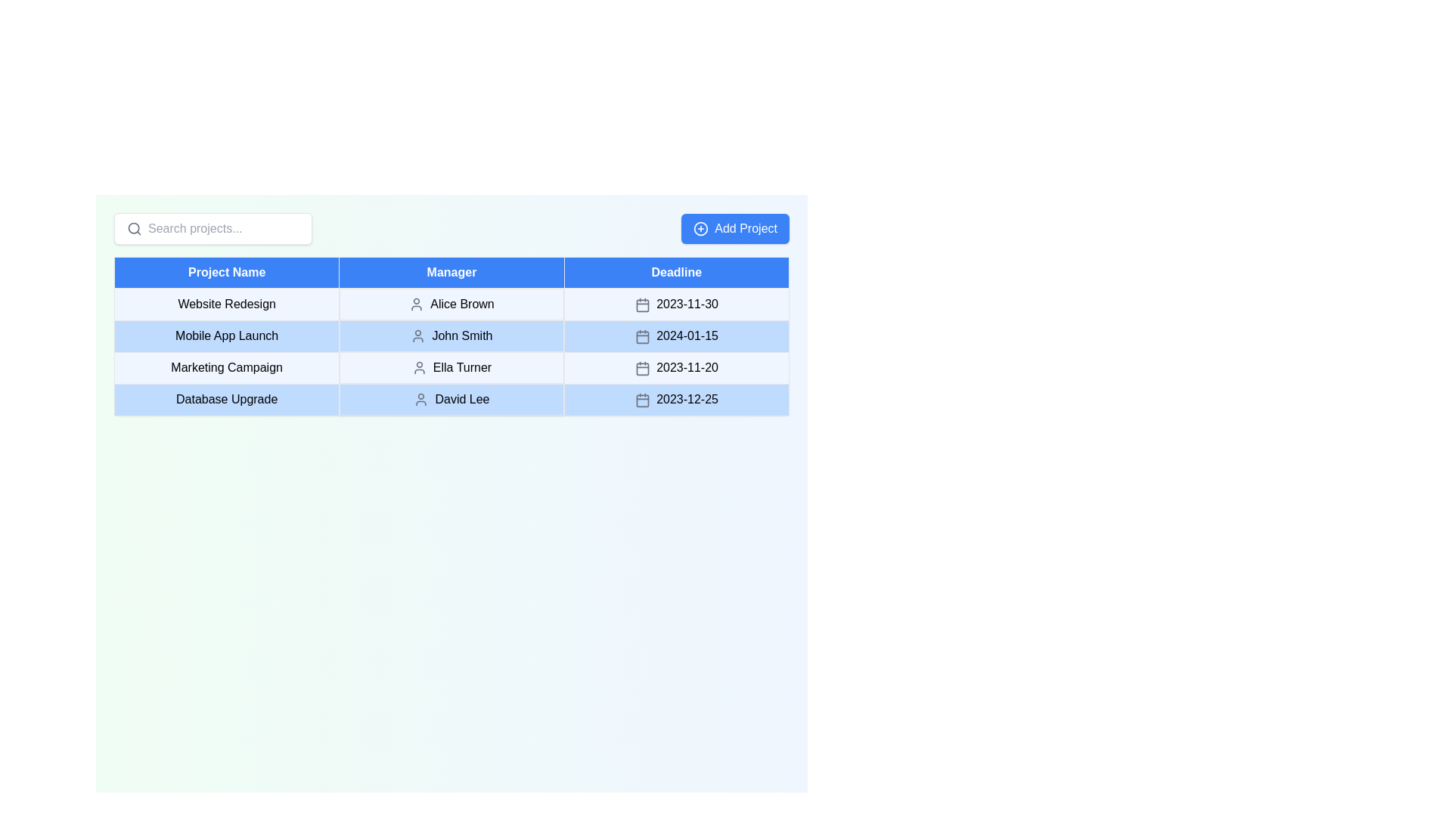  I want to click on the user icon representing 'Alice Brown', located in the 'Manager' column of the data table for the 'Website Redesign' project, so click(417, 304).